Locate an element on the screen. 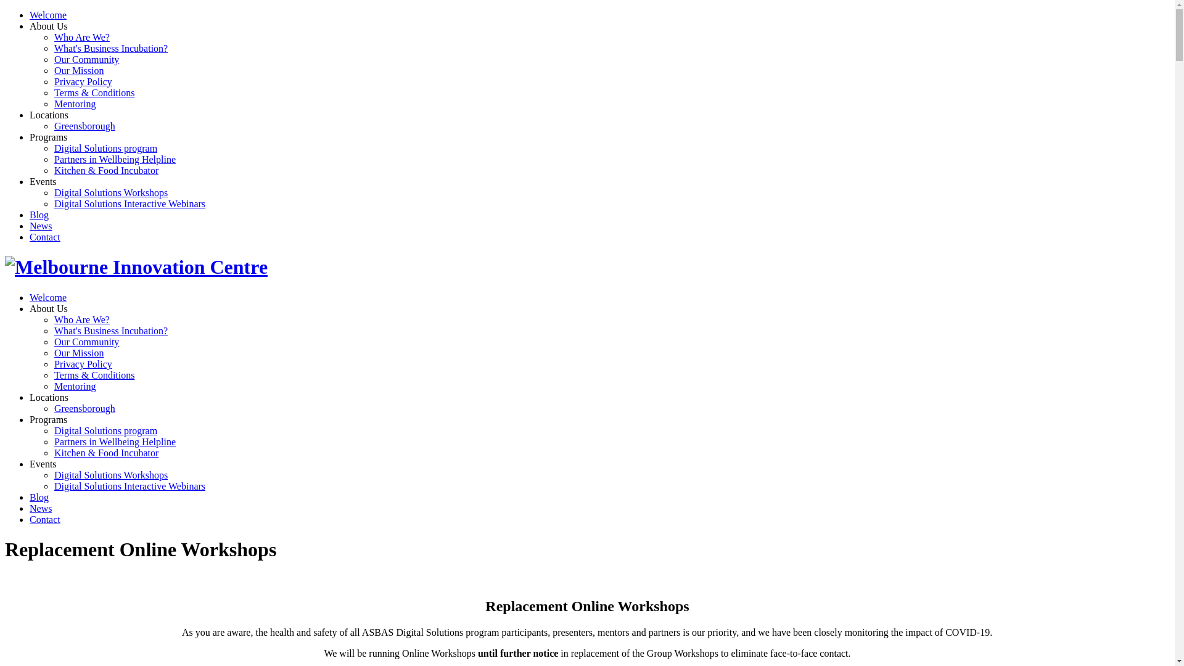  'Contact' is located at coordinates (44, 237).